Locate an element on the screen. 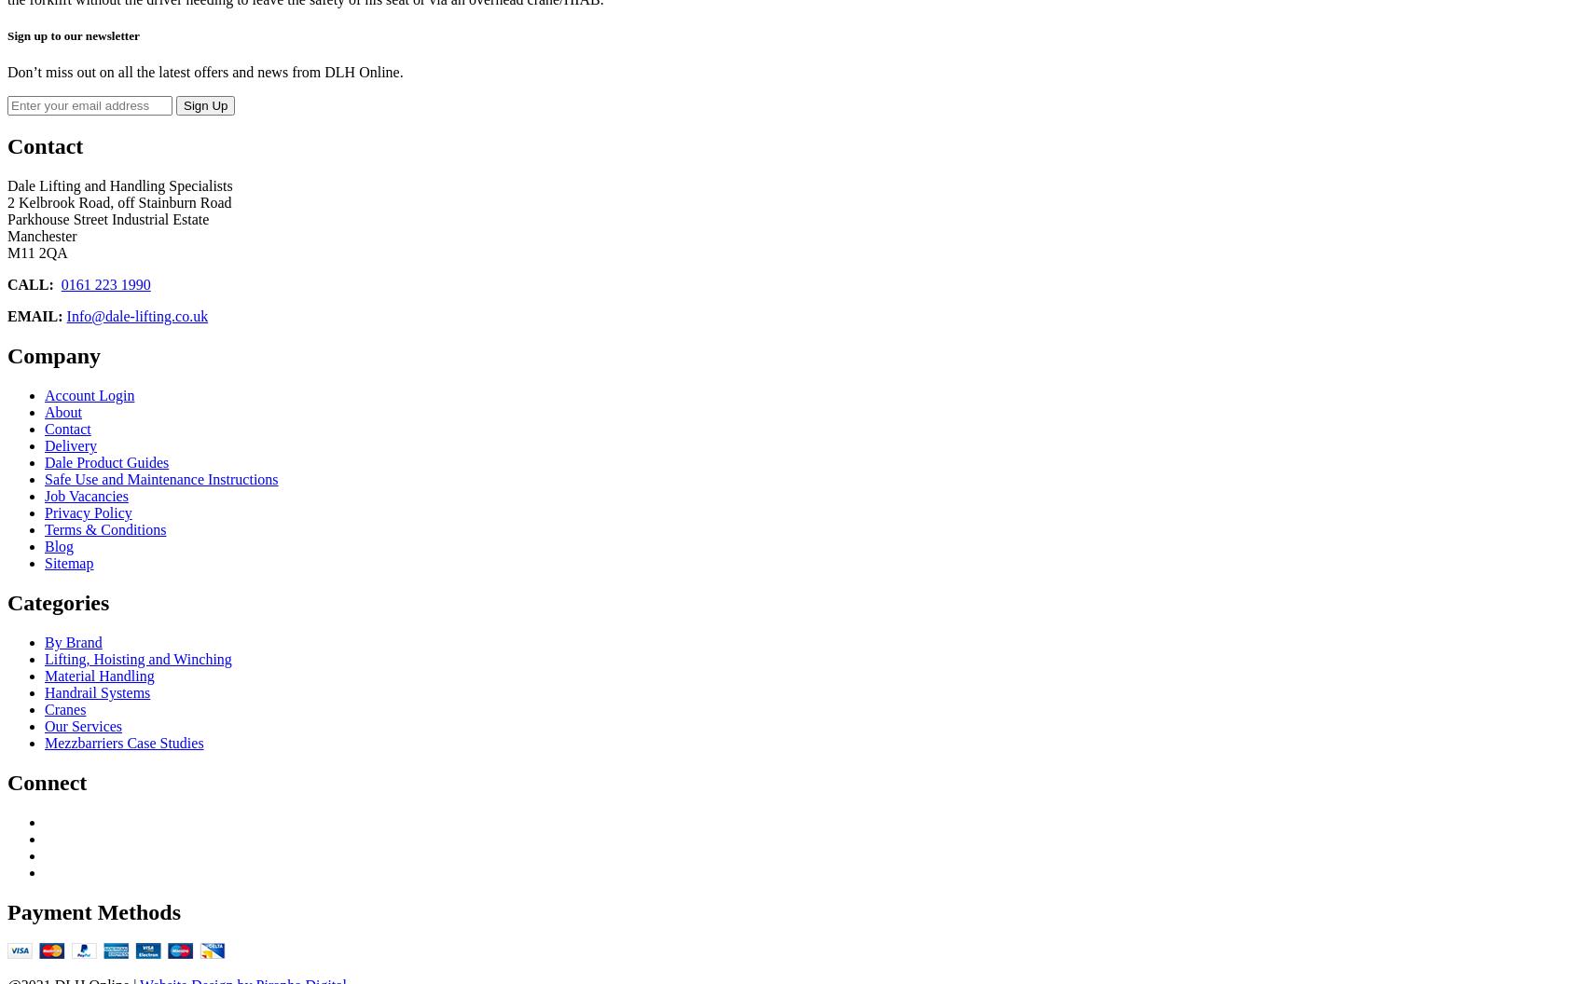 Image resolution: width=1585 pixels, height=984 pixels. 'Delivery' is located at coordinates (44, 444).